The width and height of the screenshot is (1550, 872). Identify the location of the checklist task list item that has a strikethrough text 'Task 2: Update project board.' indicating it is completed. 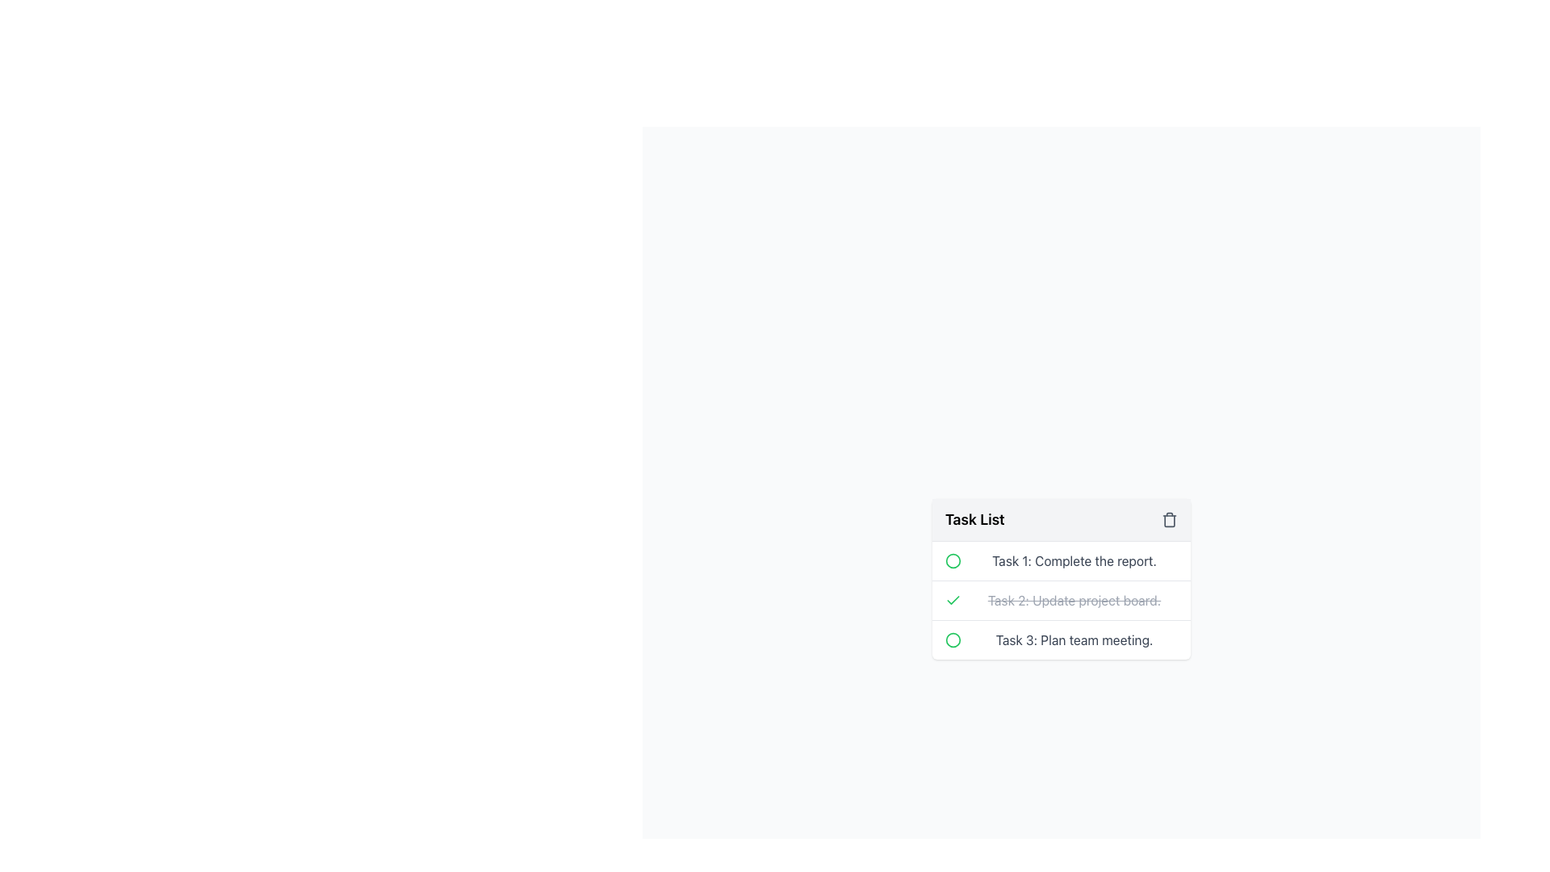
(1062, 601).